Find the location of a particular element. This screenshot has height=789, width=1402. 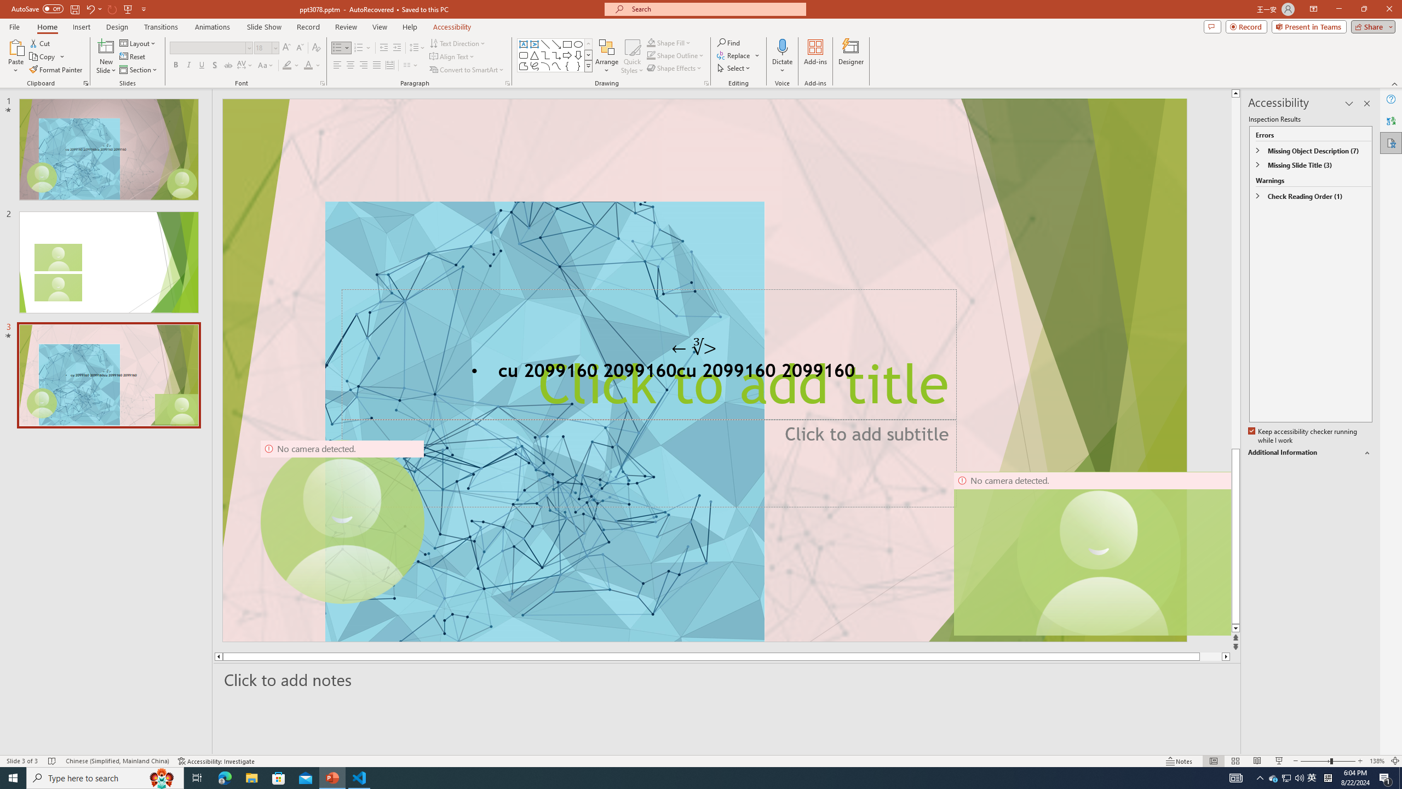

'TextBox 7' is located at coordinates (694, 347).